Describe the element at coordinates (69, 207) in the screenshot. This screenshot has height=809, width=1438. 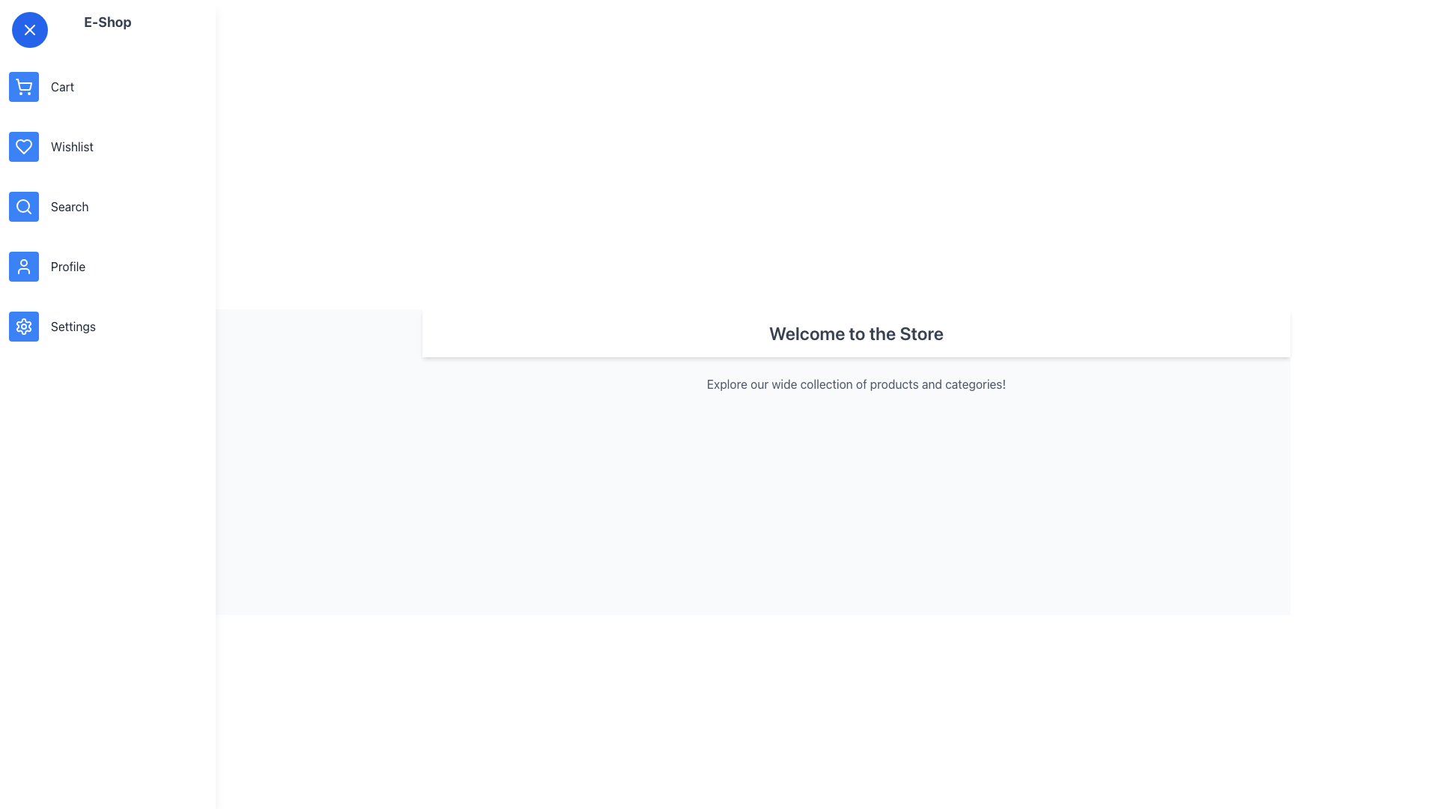
I see `the 'Search' text label in the left vertical navigation menu, located between 'Wishlist' and 'Profile'` at that location.